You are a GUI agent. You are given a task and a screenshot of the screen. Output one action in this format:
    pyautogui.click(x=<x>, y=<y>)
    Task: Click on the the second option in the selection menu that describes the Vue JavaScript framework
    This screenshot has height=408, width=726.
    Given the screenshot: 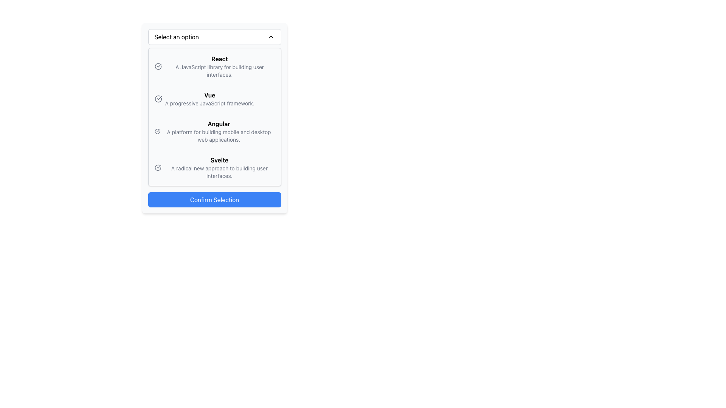 What is the action you would take?
    pyautogui.click(x=209, y=99)
    